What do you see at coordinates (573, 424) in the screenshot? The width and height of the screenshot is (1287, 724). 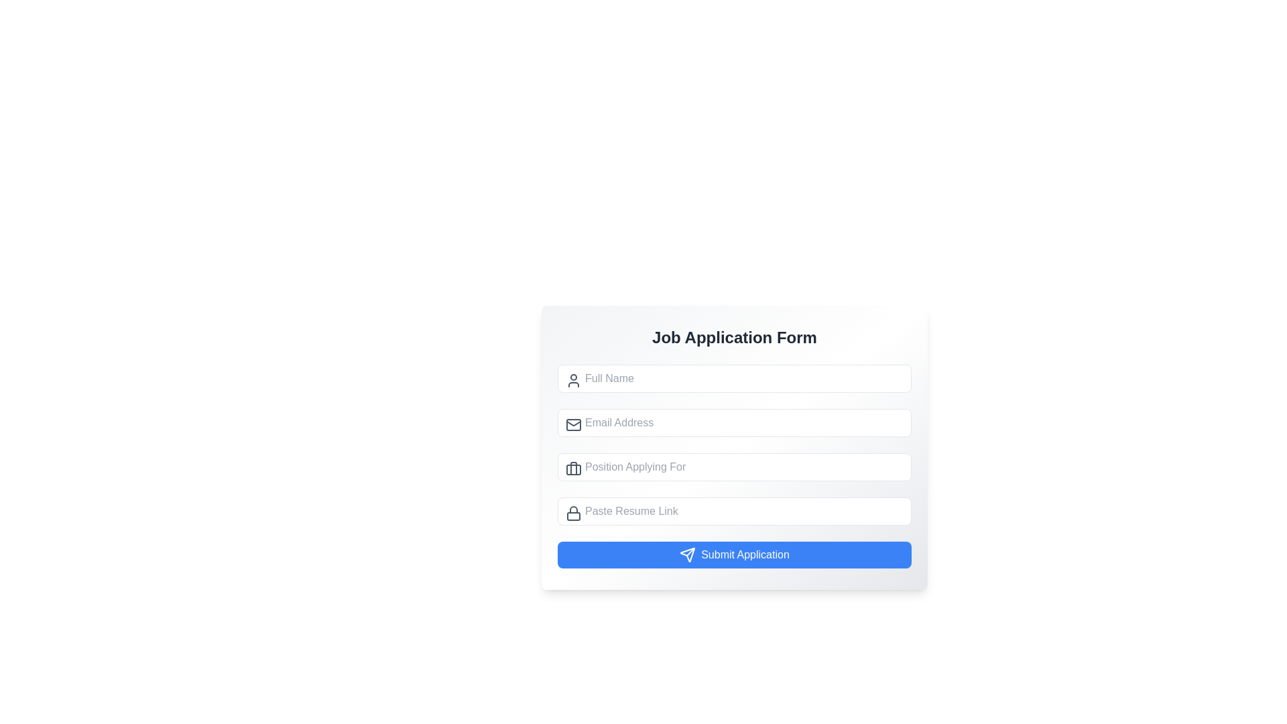 I see `the graphical envelope icon component located to the left of the 'Email Address' input field in the 'Job Application Form'` at bounding box center [573, 424].